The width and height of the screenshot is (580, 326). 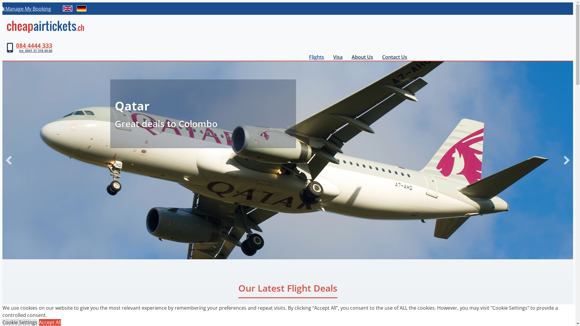 What do you see at coordinates (16, 45) in the screenshot?
I see `'084 4444 333'` at bounding box center [16, 45].